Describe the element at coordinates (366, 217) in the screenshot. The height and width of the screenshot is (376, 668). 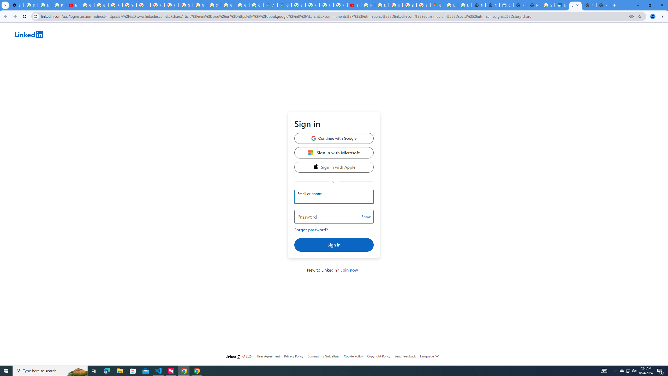
I see `'Show'` at that location.